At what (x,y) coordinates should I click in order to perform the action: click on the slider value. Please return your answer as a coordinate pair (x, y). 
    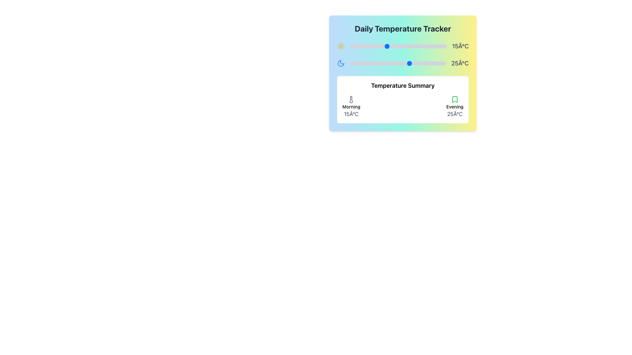
    Looking at the image, I should click on (422, 63).